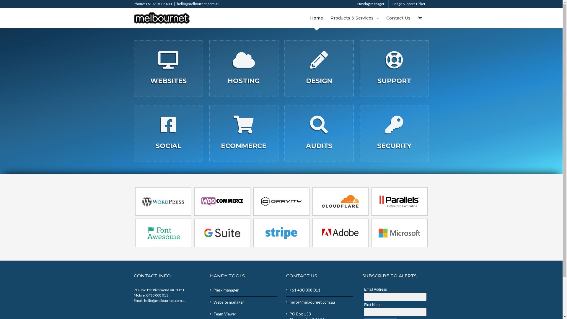 This screenshot has width=567, height=319. I want to click on 'wordpress', so click(140, 201).